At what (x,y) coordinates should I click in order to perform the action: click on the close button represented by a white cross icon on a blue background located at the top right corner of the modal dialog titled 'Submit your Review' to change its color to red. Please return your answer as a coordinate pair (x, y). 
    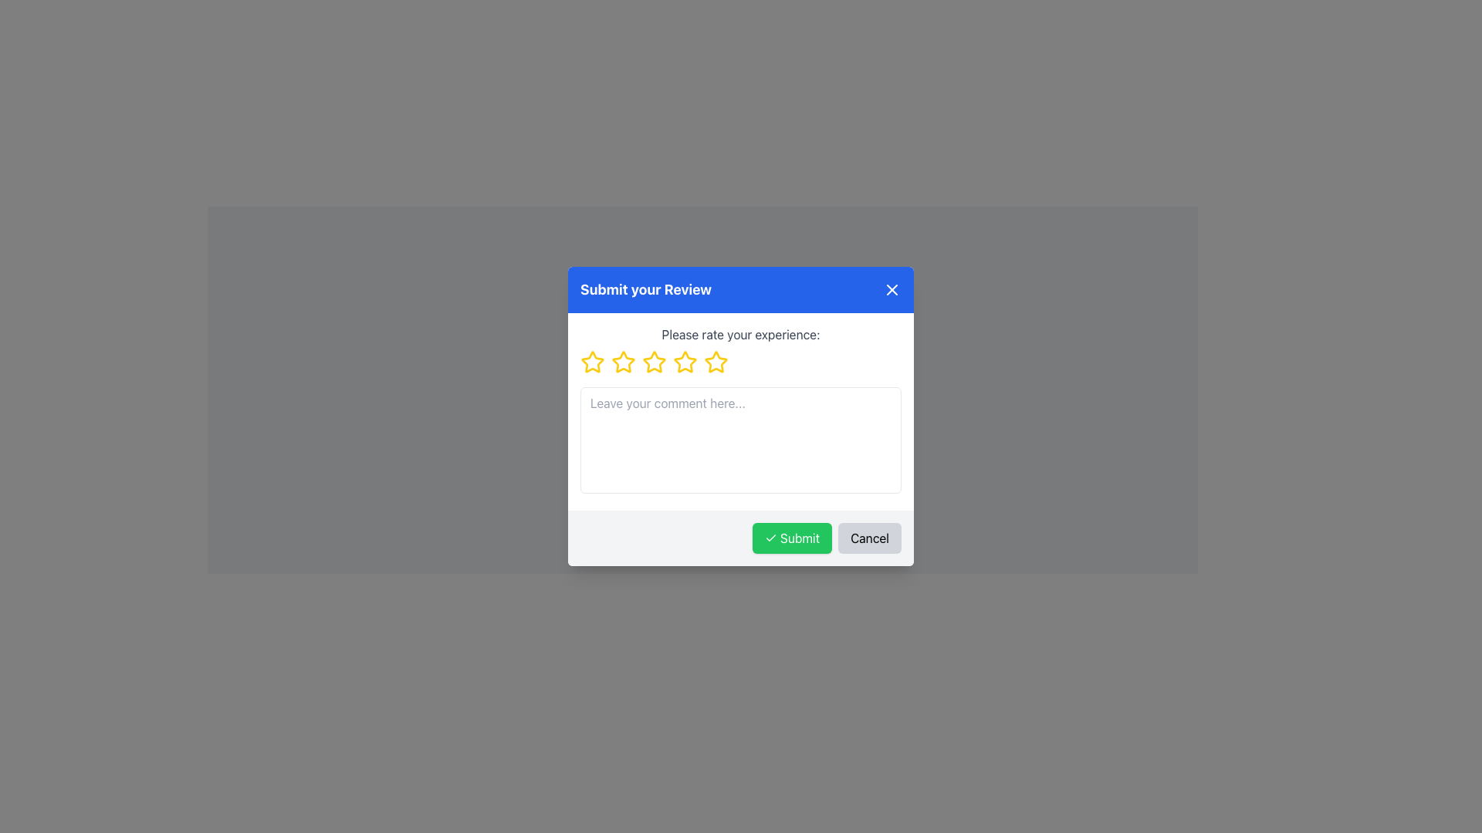
    Looking at the image, I should click on (892, 289).